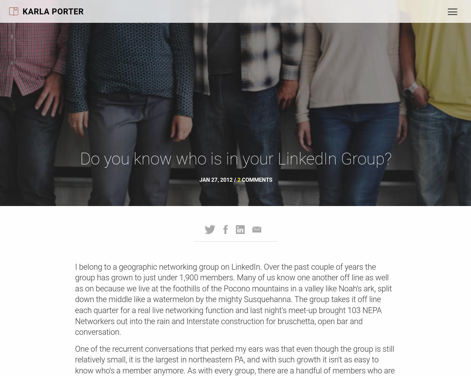  I want to click on 'comments', so click(240, 180).